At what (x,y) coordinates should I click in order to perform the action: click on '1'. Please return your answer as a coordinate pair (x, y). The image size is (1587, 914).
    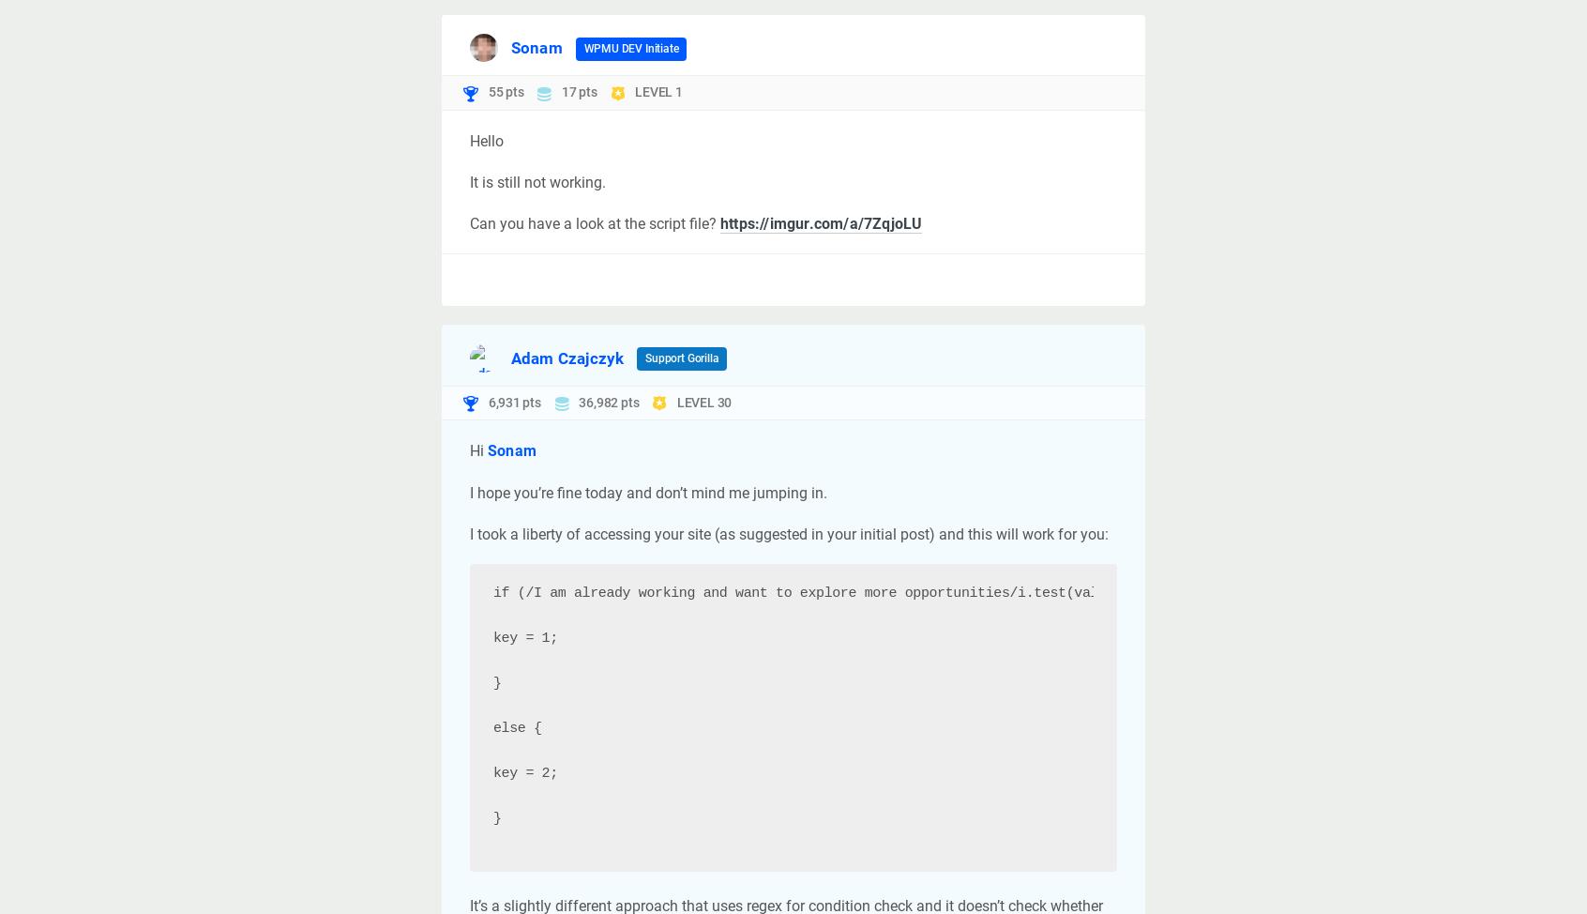
    Looking at the image, I should click on (673, 90).